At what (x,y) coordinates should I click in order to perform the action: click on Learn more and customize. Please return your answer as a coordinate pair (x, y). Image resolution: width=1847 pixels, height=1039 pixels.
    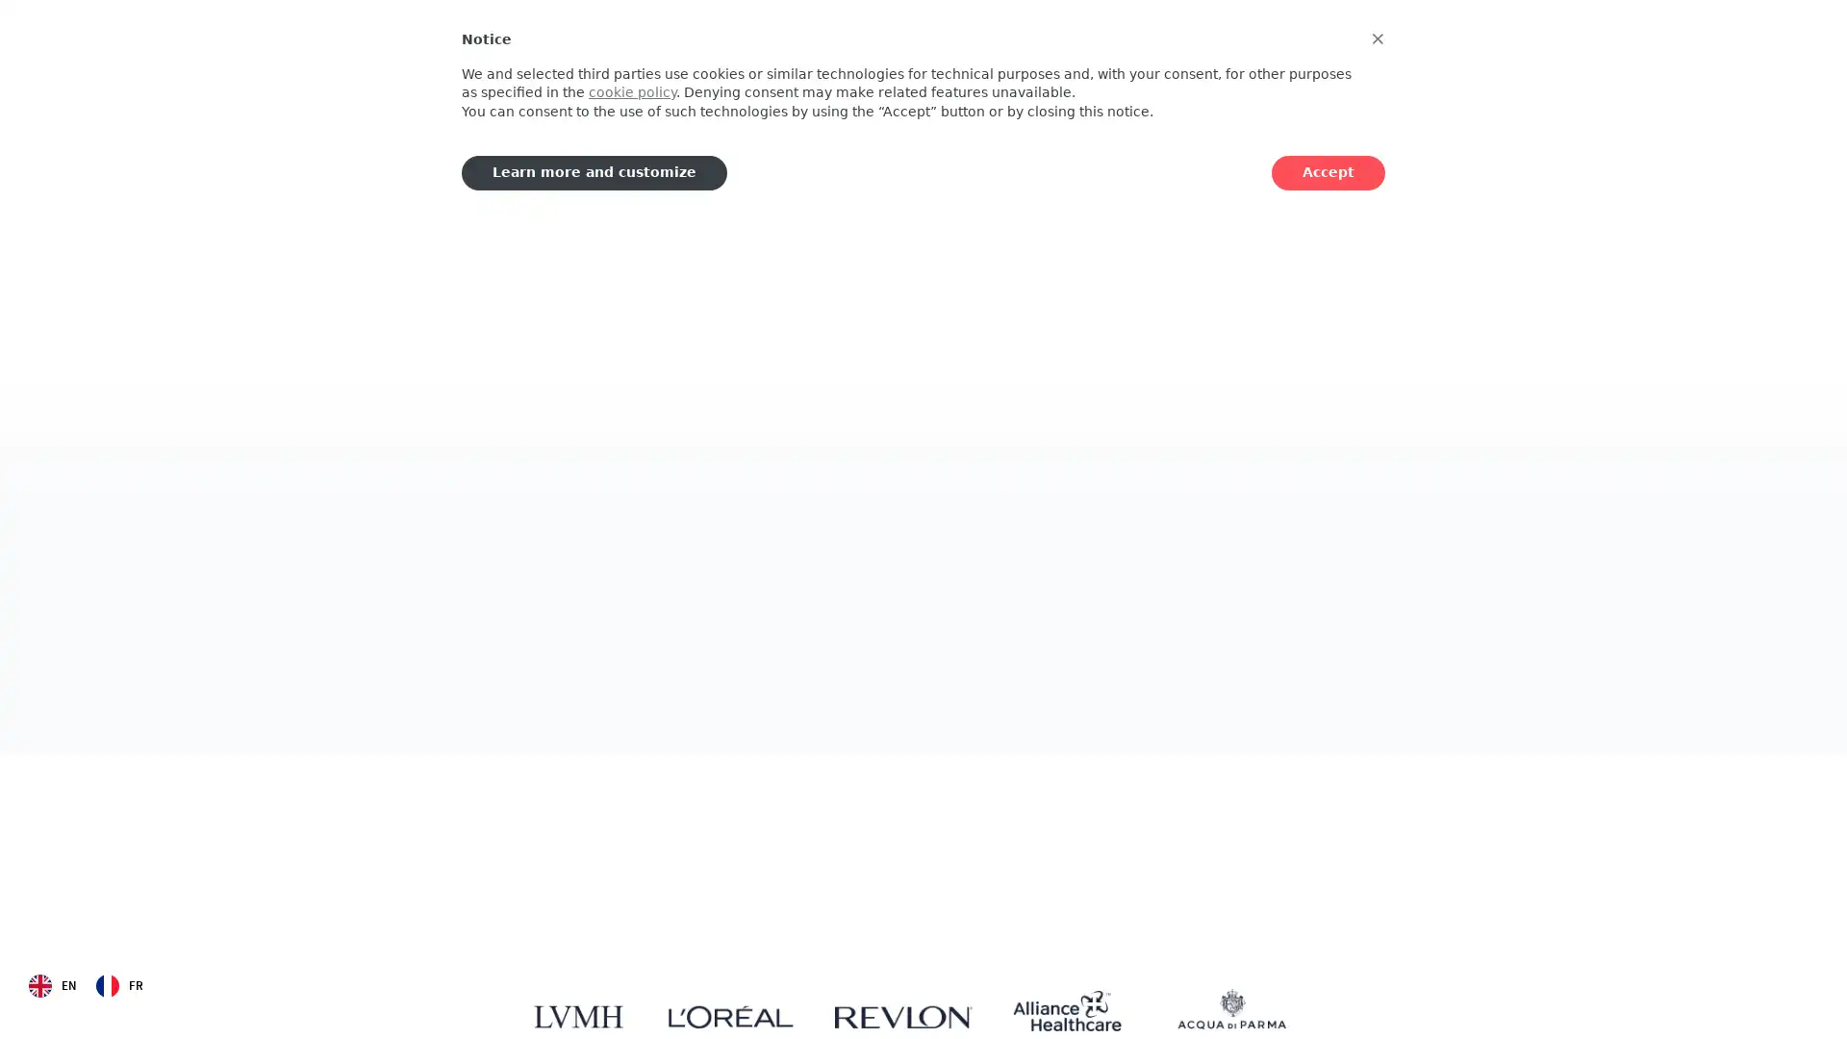
    Looking at the image, I should click on (594, 171).